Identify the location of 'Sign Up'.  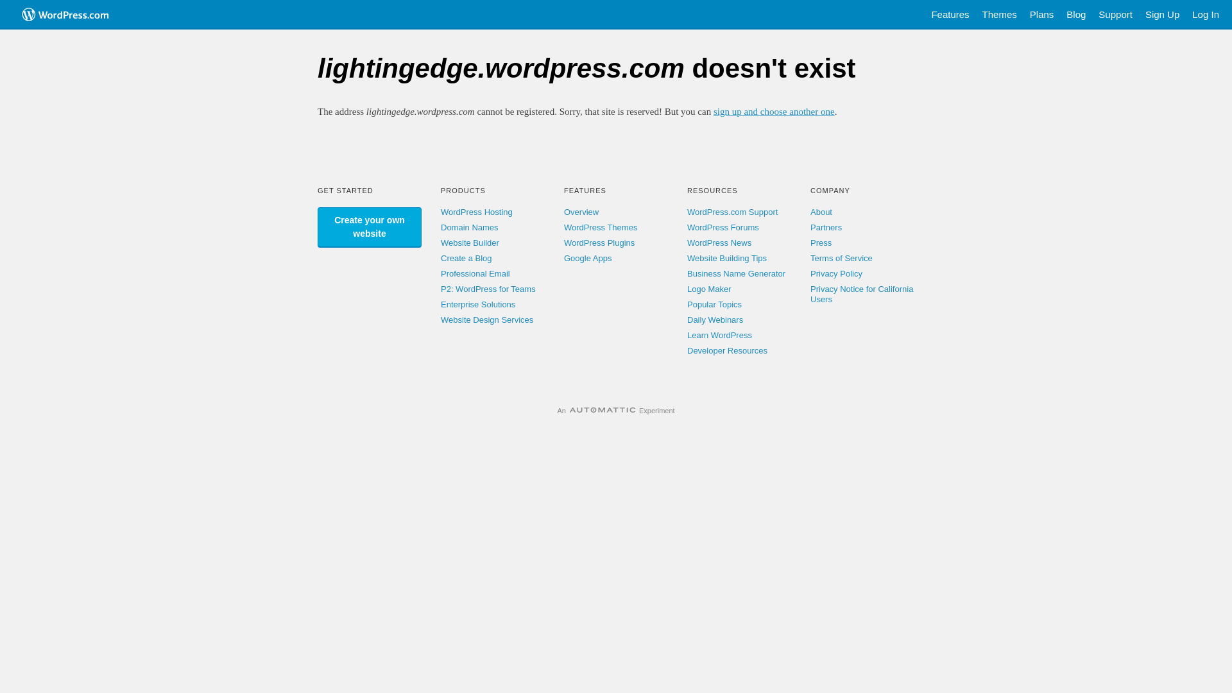
(1162, 15).